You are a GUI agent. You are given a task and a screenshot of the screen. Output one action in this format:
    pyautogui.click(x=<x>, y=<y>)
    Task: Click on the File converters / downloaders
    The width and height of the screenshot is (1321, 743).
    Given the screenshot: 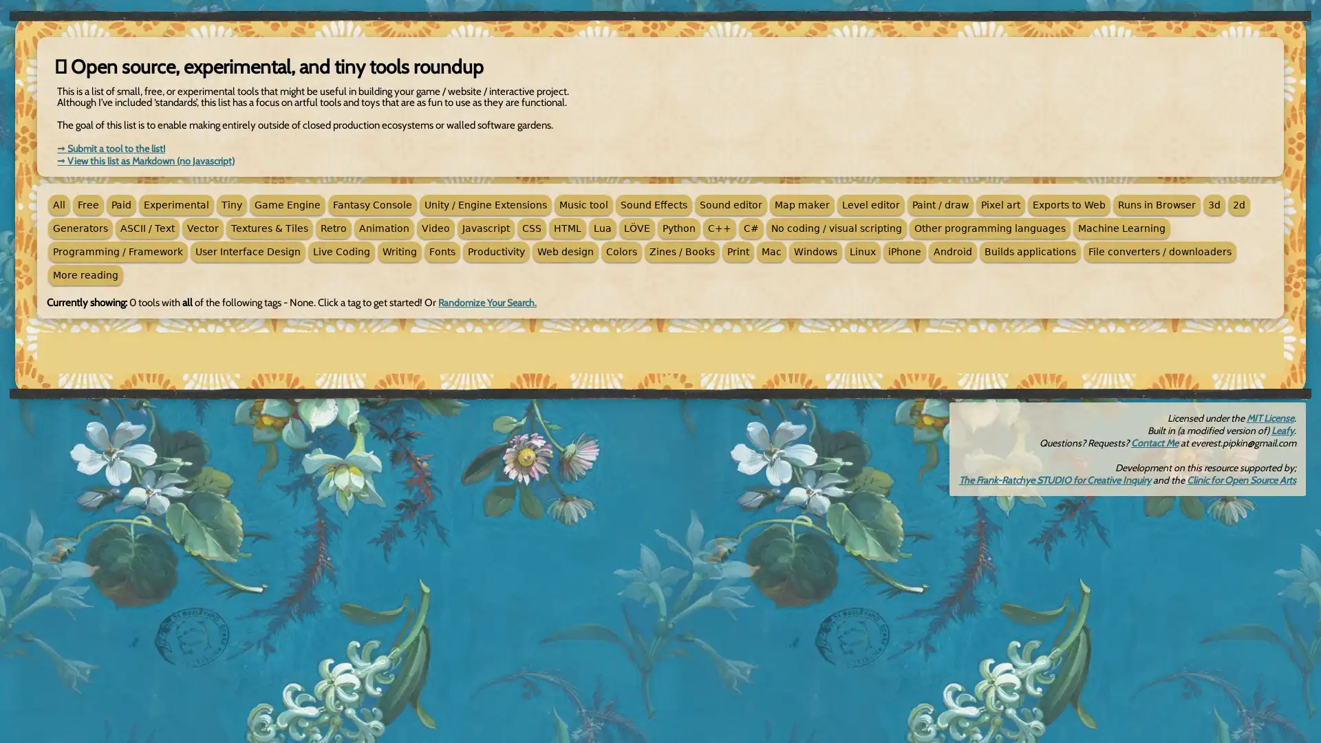 What is the action you would take?
    pyautogui.click(x=1159, y=252)
    